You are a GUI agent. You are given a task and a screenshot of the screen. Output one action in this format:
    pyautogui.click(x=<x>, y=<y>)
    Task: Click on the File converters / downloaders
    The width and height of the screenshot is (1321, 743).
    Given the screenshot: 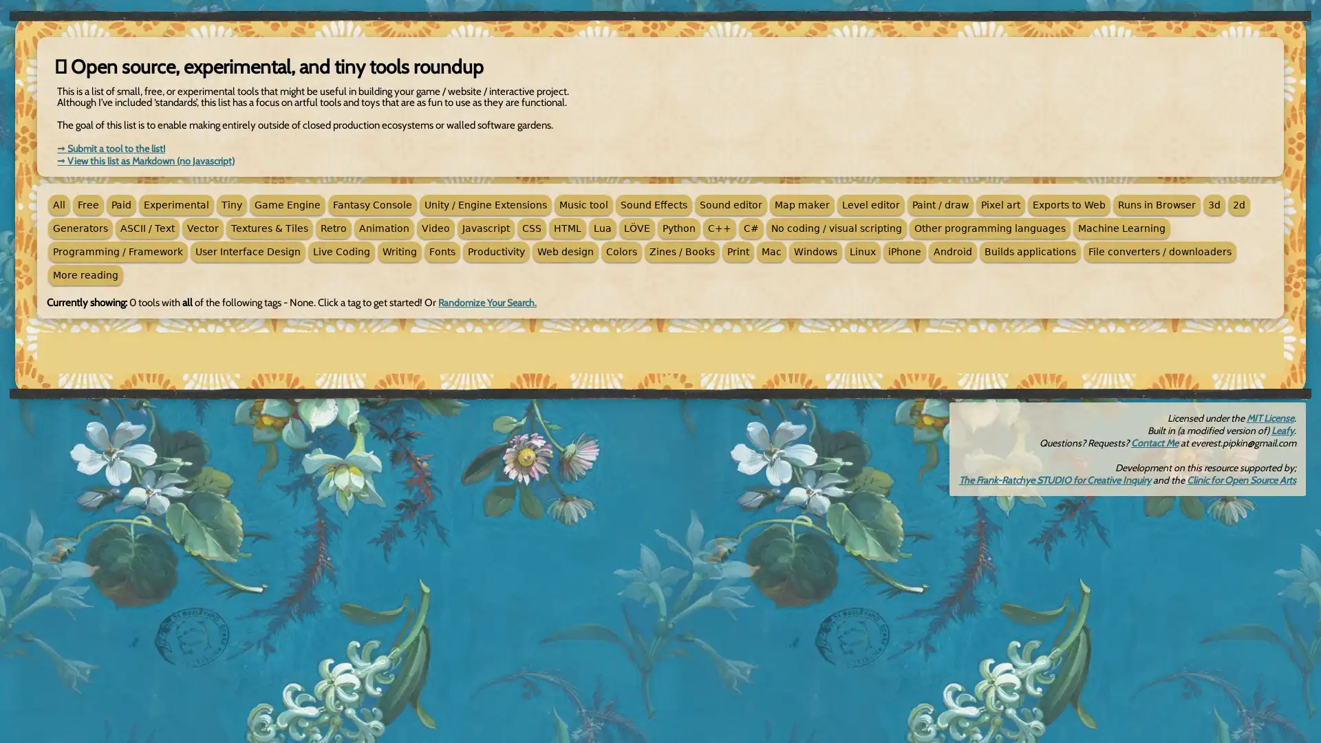 What is the action you would take?
    pyautogui.click(x=1159, y=252)
    